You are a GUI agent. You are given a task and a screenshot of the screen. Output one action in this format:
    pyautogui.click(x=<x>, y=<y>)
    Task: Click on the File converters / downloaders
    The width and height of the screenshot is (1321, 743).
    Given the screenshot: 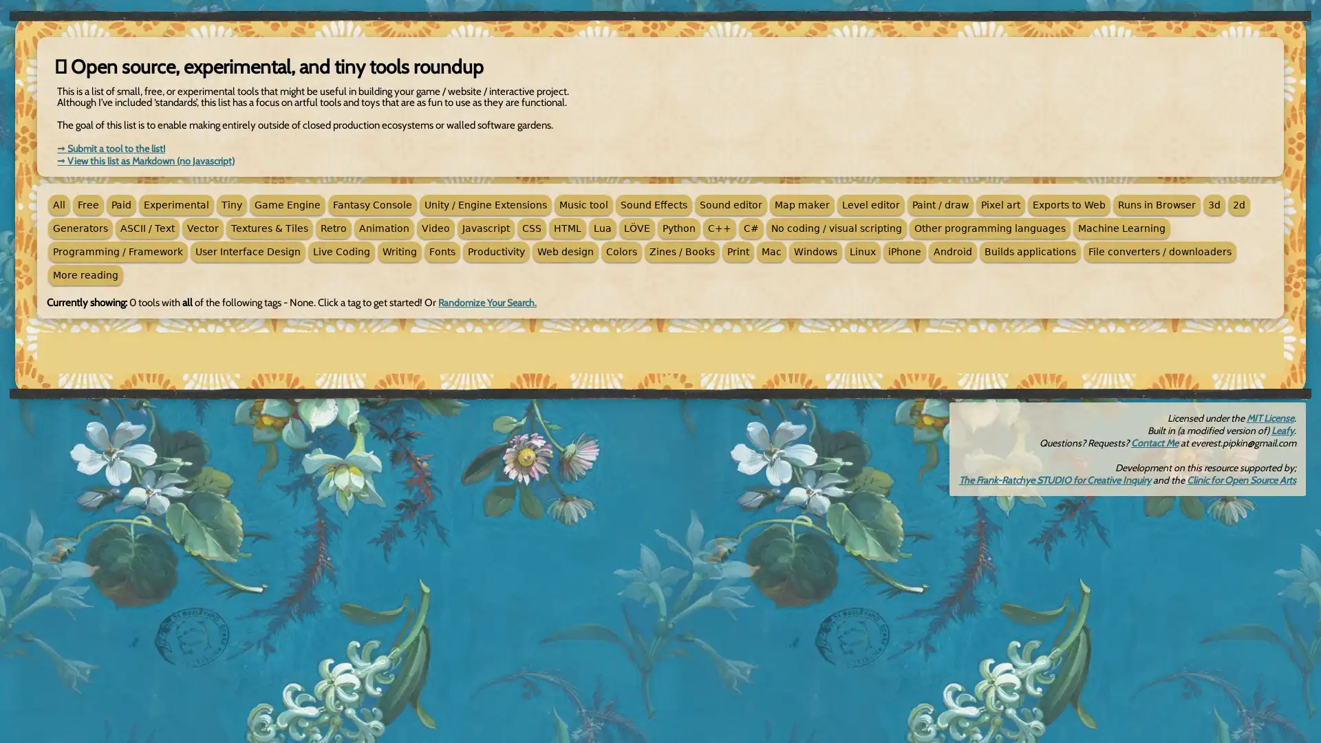 What is the action you would take?
    pyautogui.click(x=1159, y=252)
    